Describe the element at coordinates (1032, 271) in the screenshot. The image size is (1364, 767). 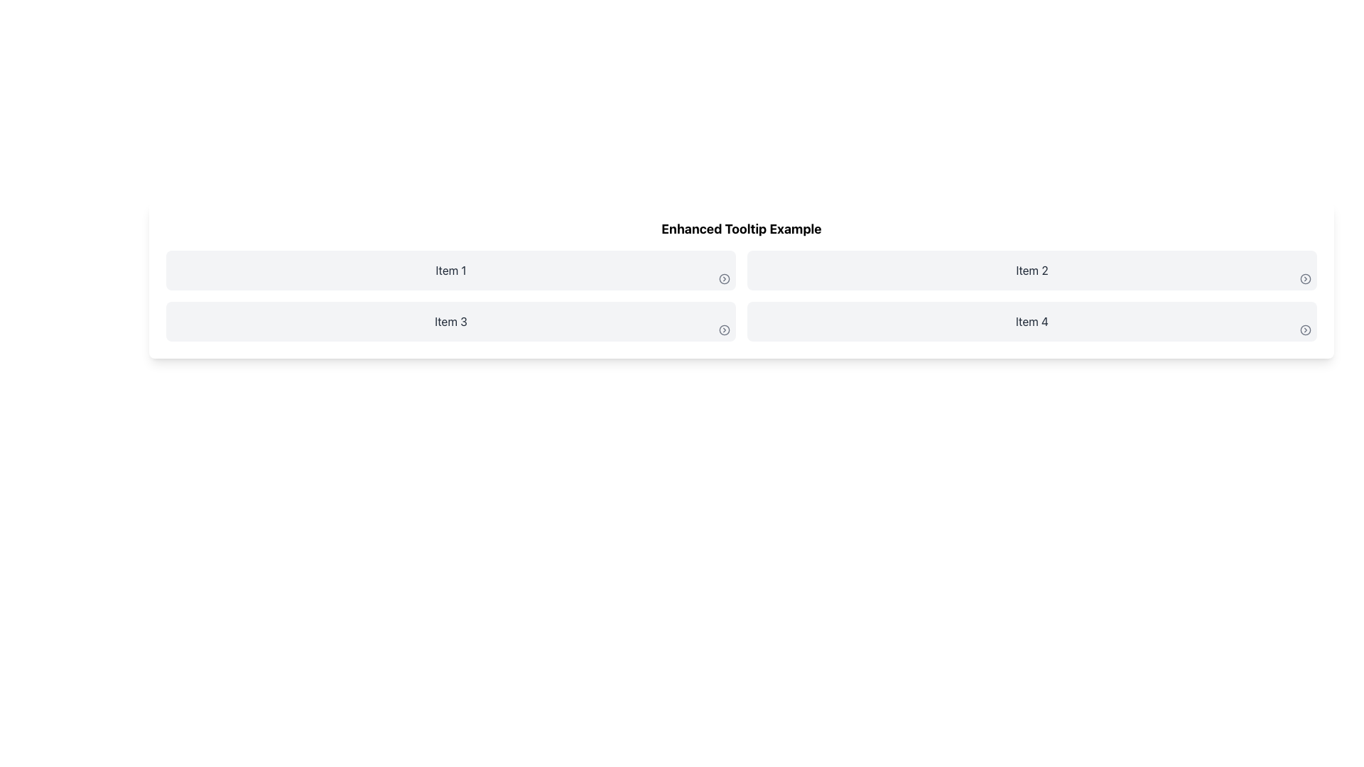
I see `the static label reading 'Item 2', which is styled in gray and is the second item in a horizontal list, positioned above 'Item 4' and next to 'Item 1'` at that location.